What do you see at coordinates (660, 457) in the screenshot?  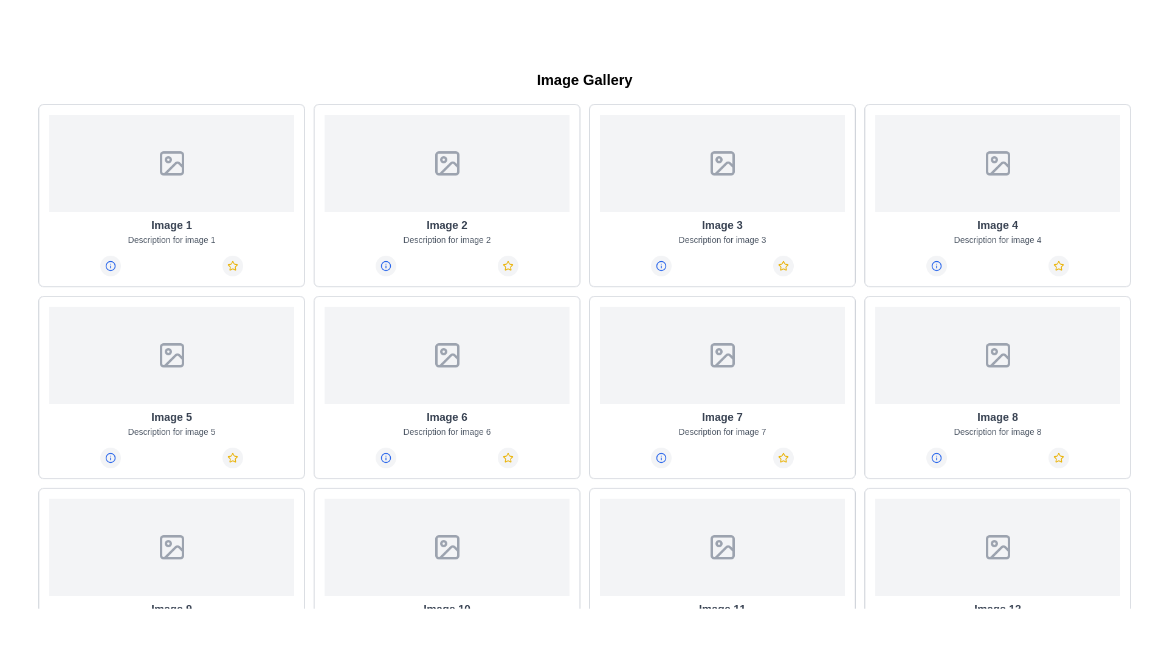 I see `the circular button with a gray background and blue outline, featuring an information symbol in the center, located below Image 7 in the grid` at bounding box center [660, 457].